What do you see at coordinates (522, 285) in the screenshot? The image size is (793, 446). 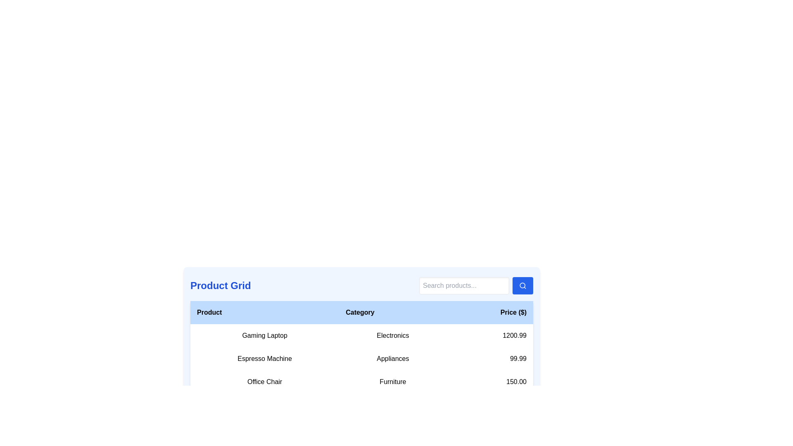 I see `the inner circle of the search icon located on the top-right side of a blue button adjacent to a search input field` at bounding box center [522, 285].